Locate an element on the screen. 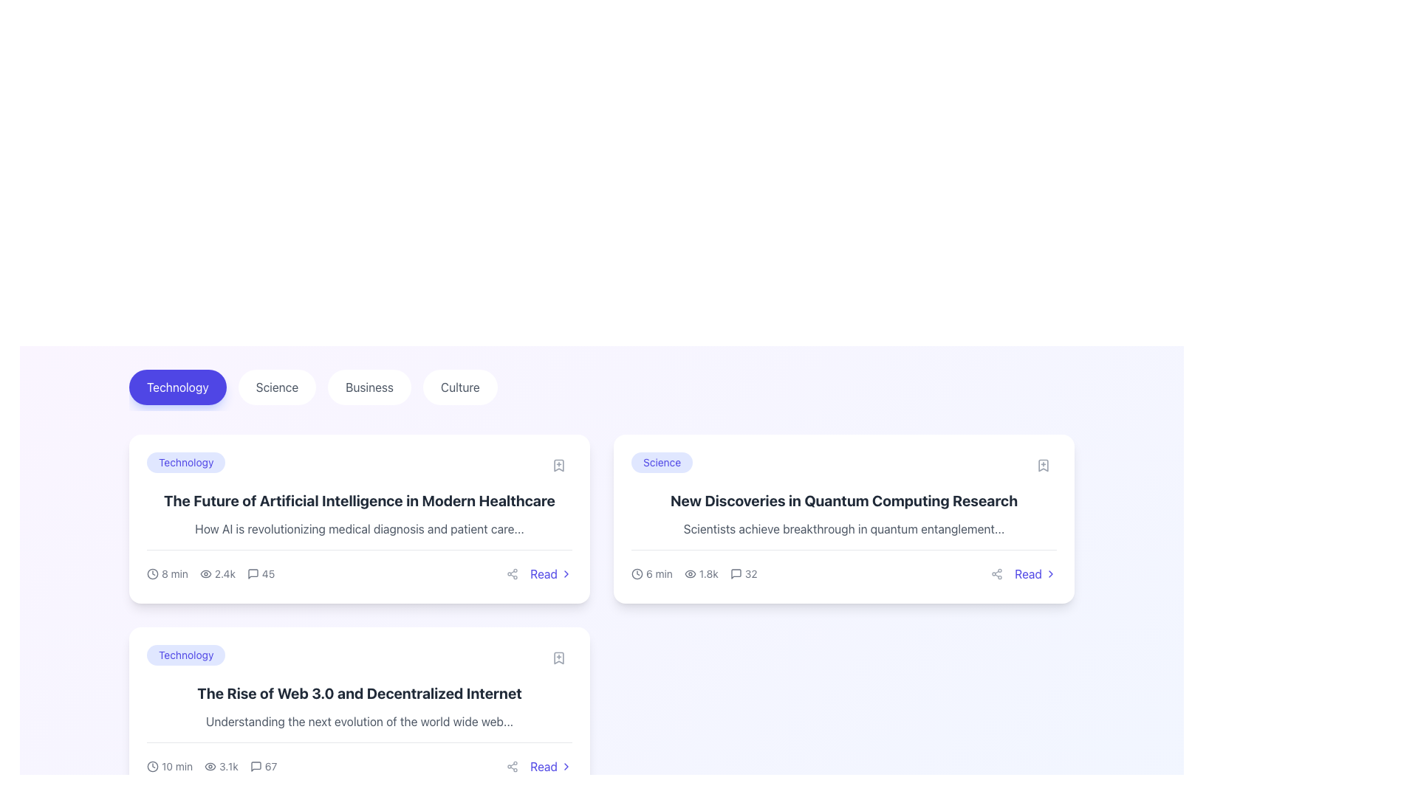  the circular vector graphic icon located within the SVG structure near the '10 min' text below the title 'The Rise of Web 3.0 and Decentralized Internet' is located at coordinates (152, 765).